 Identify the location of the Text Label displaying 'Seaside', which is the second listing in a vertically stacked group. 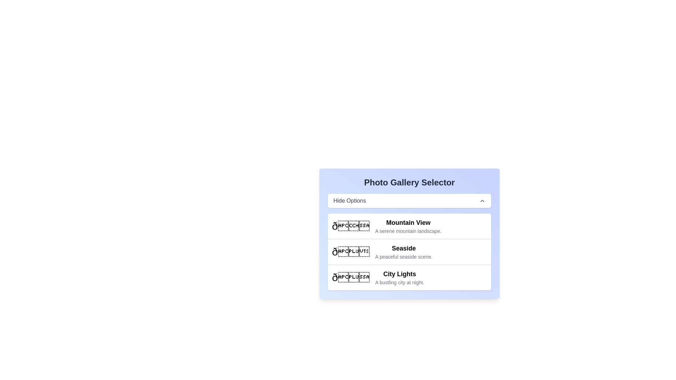
(404, 252).